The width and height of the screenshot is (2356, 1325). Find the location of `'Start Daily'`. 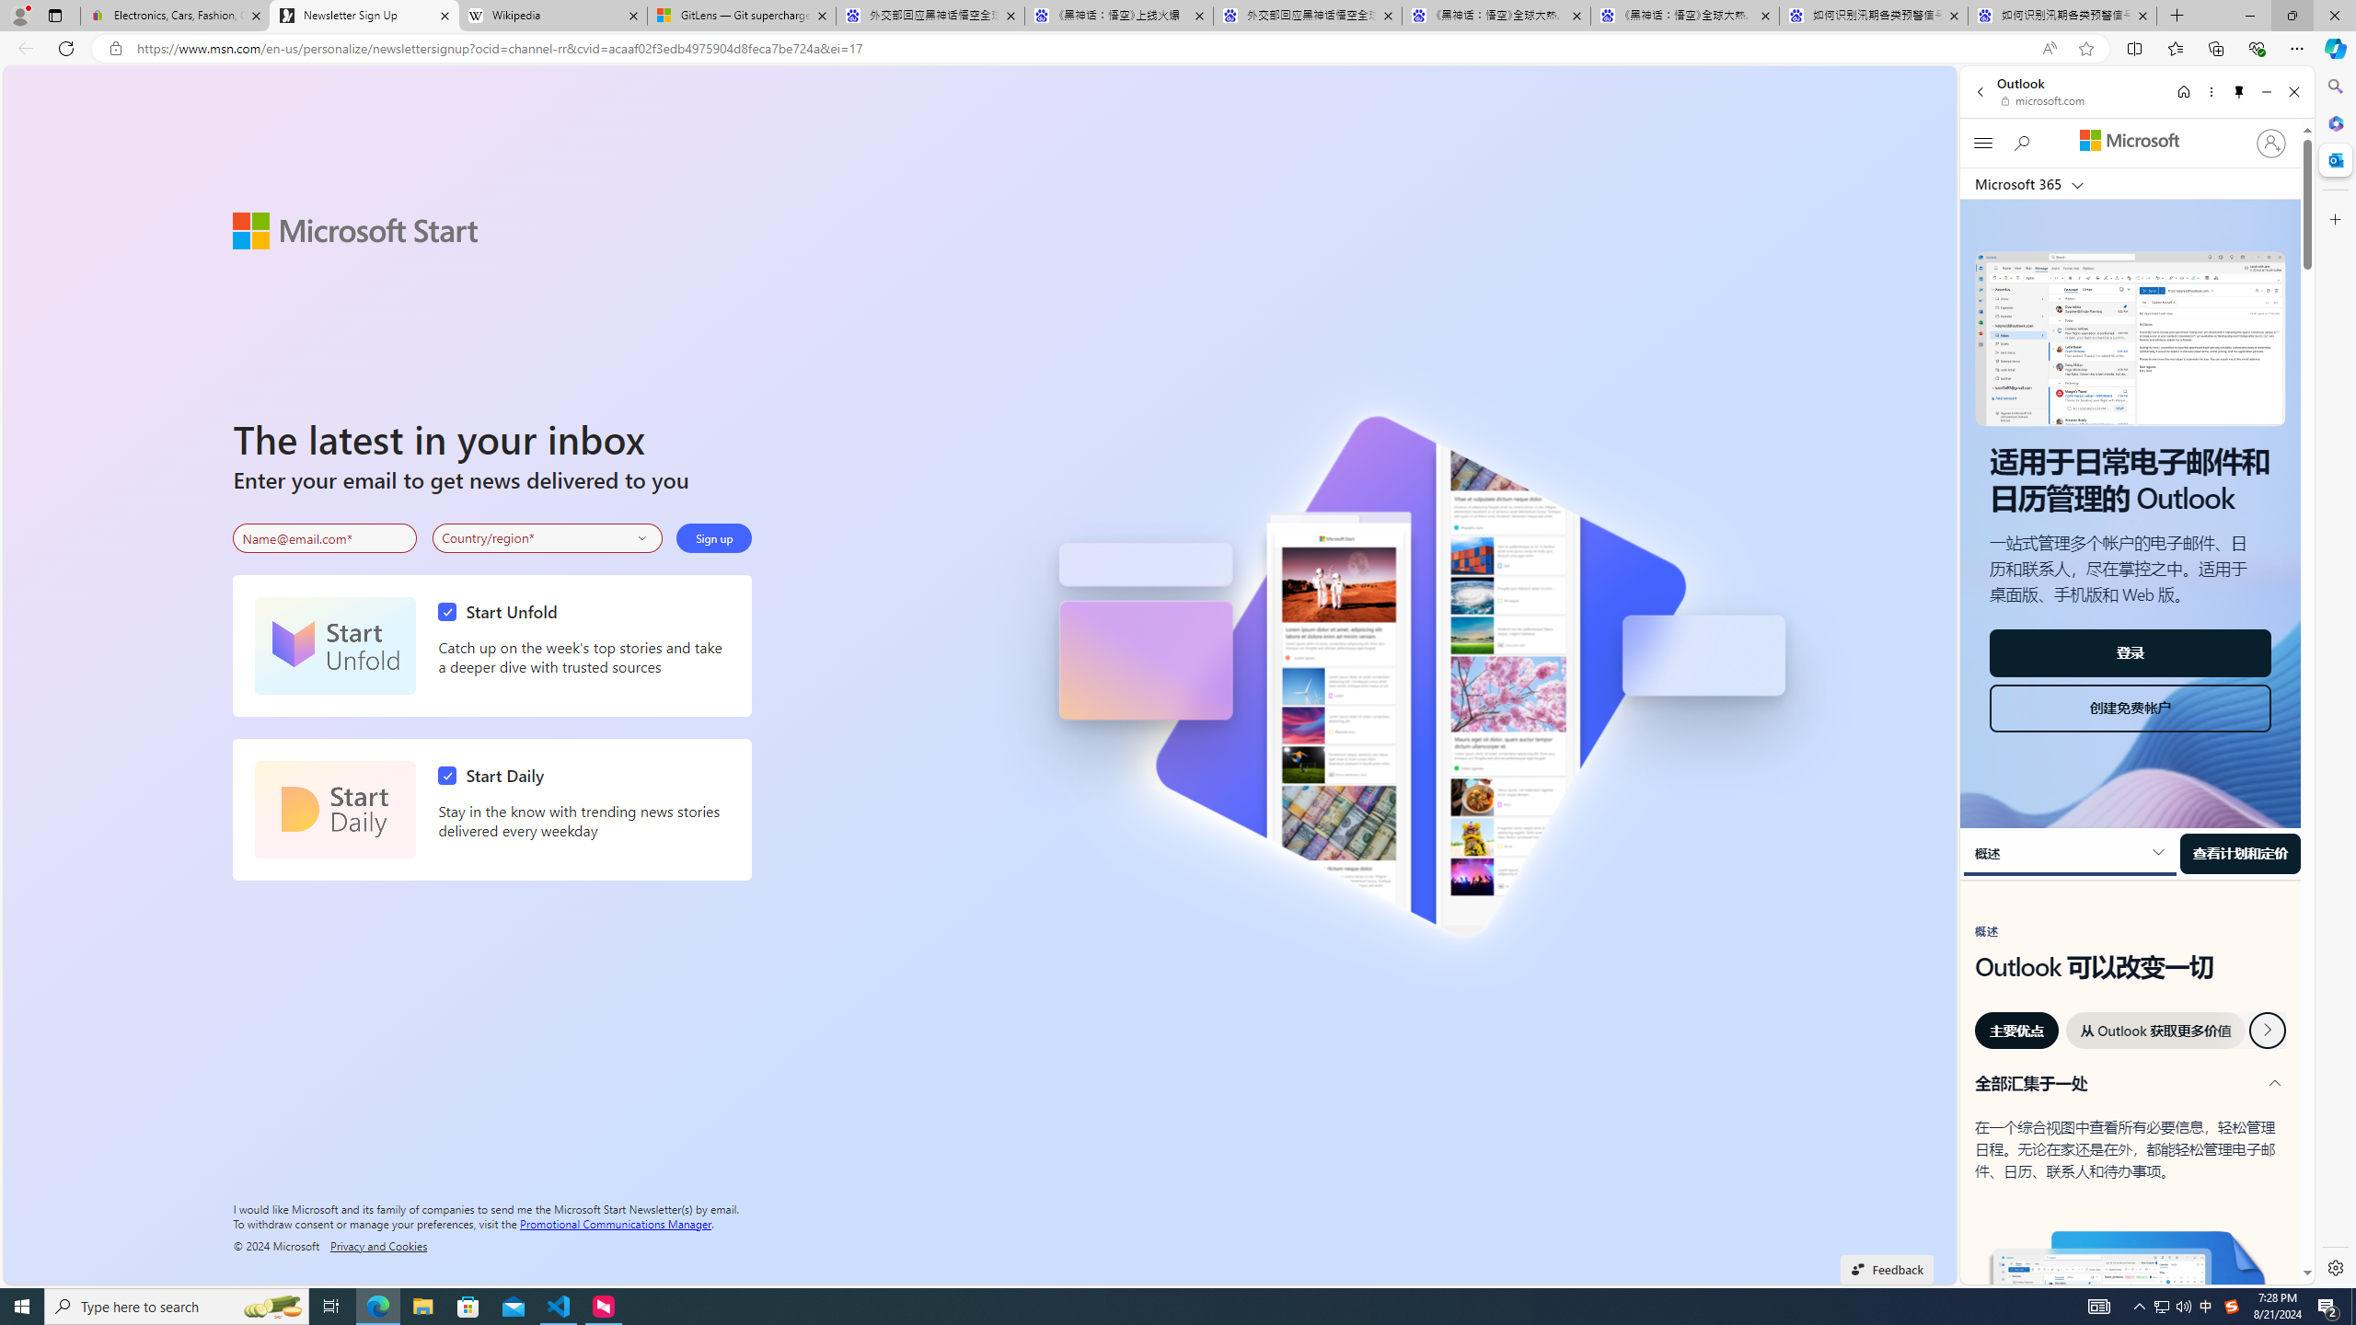

'Start Daily' is located at coordinates (334, 810).